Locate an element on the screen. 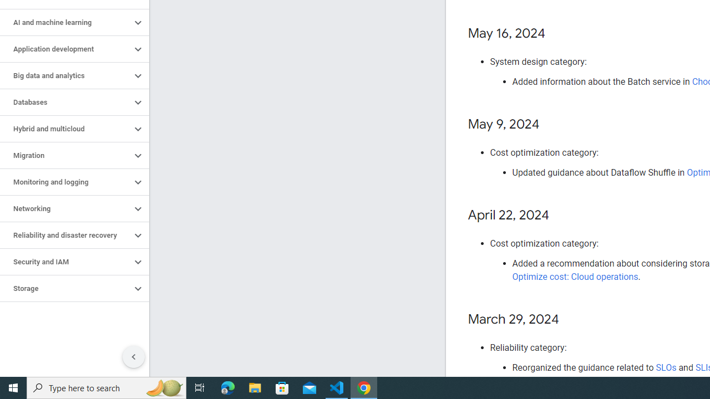 The image size is (710, 399). 'Copy link to this section: March 29, 2024' is located at coordinates (570, 320).